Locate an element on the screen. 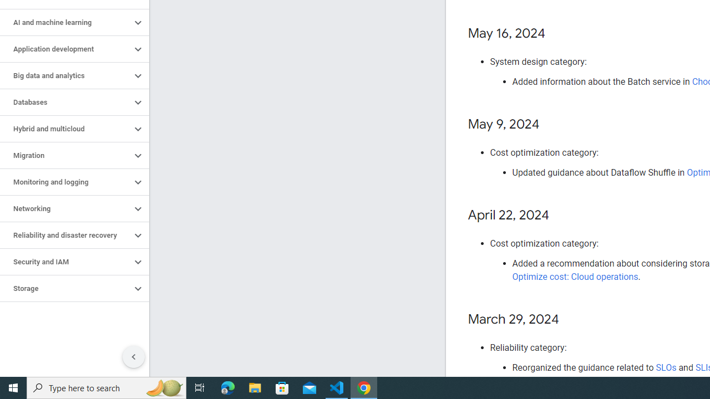 The image size is (710, 399). 'Copy link to this section: March 29, 2024' is located at coordinates (570, 320).